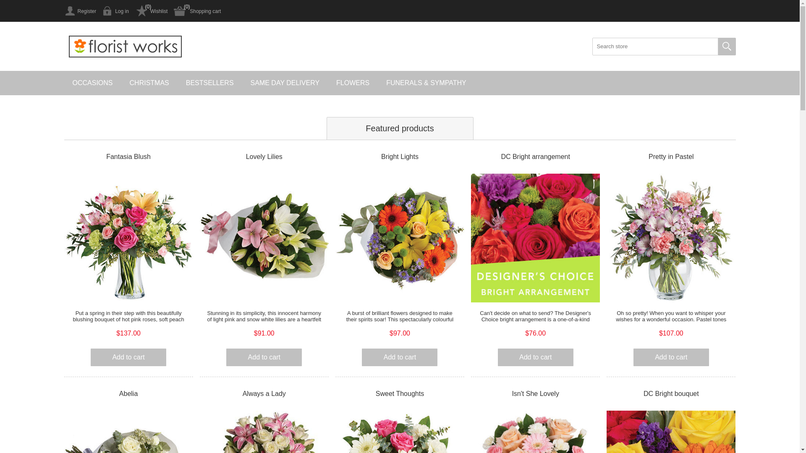  Describe the element at coordinates (63, 83) in the screenshot. I see `'OCCASIONS'` at that location.